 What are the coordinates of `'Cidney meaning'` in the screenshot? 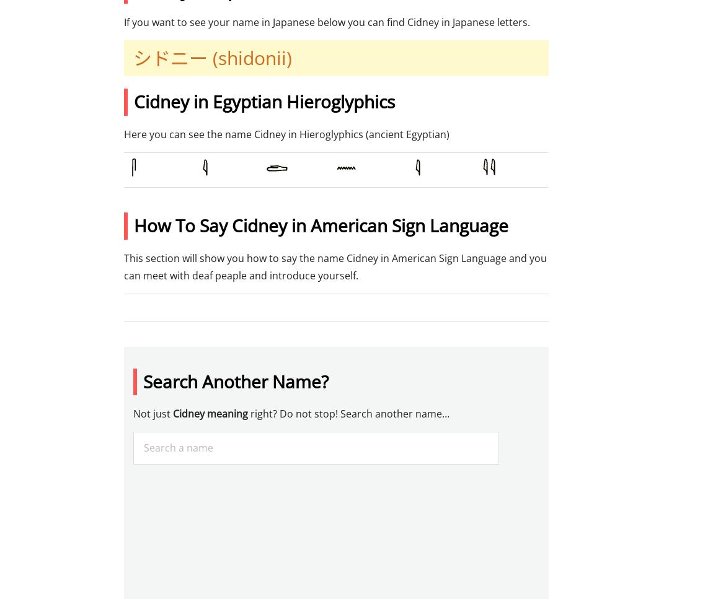 It's located at (210, 413).